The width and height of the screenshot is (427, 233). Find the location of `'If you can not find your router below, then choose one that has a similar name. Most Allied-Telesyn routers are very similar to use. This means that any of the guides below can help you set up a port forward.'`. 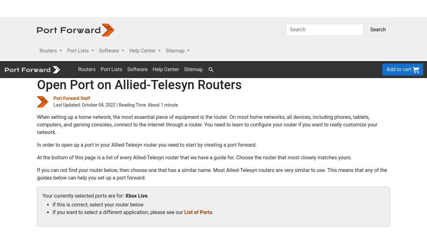

'If you can not find your router below, then choose one that has a similar name. Most Allied-Telesyn routers are very similar to use. This means that any of the guides below can help you set up a port forward.' is located at coordinates (212, 113).